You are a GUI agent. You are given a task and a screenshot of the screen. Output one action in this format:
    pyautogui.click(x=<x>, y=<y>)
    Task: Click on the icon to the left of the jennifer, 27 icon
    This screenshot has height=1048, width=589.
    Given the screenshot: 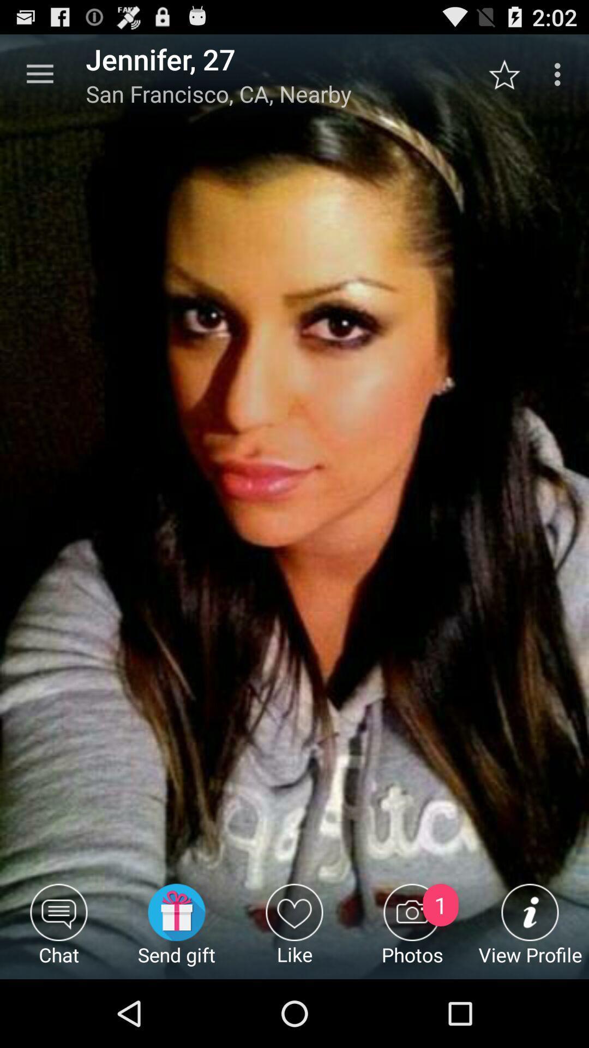 What is the action you would take?
    pyautogui.click(x=39, y=74)
    